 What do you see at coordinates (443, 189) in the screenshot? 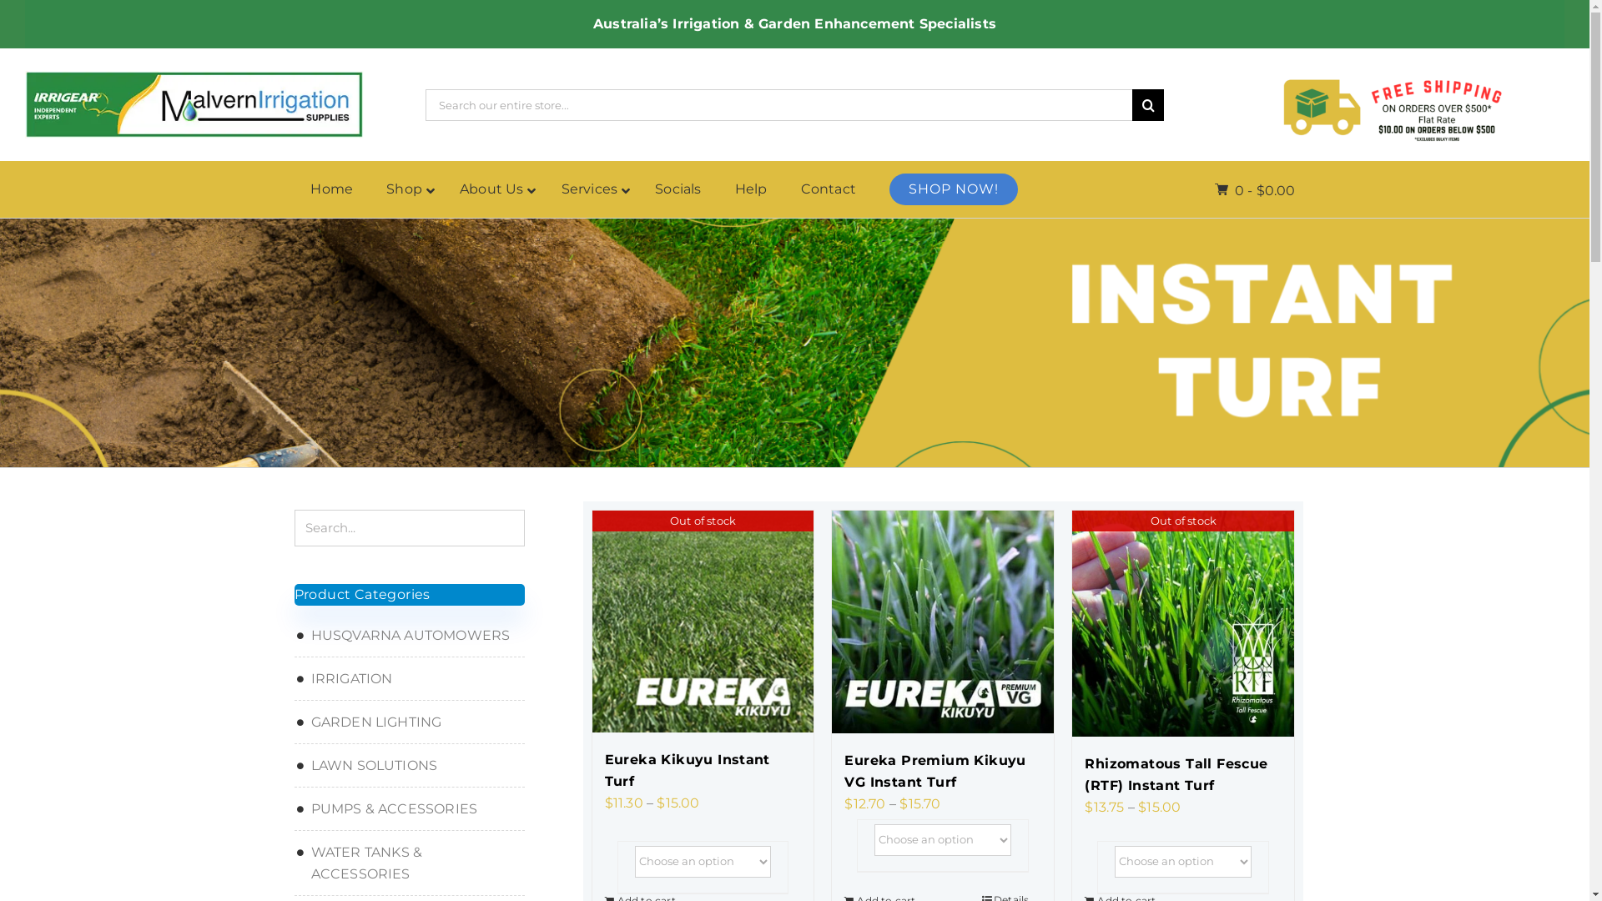
I see `'About Us'` at bounding box center [443, 189].